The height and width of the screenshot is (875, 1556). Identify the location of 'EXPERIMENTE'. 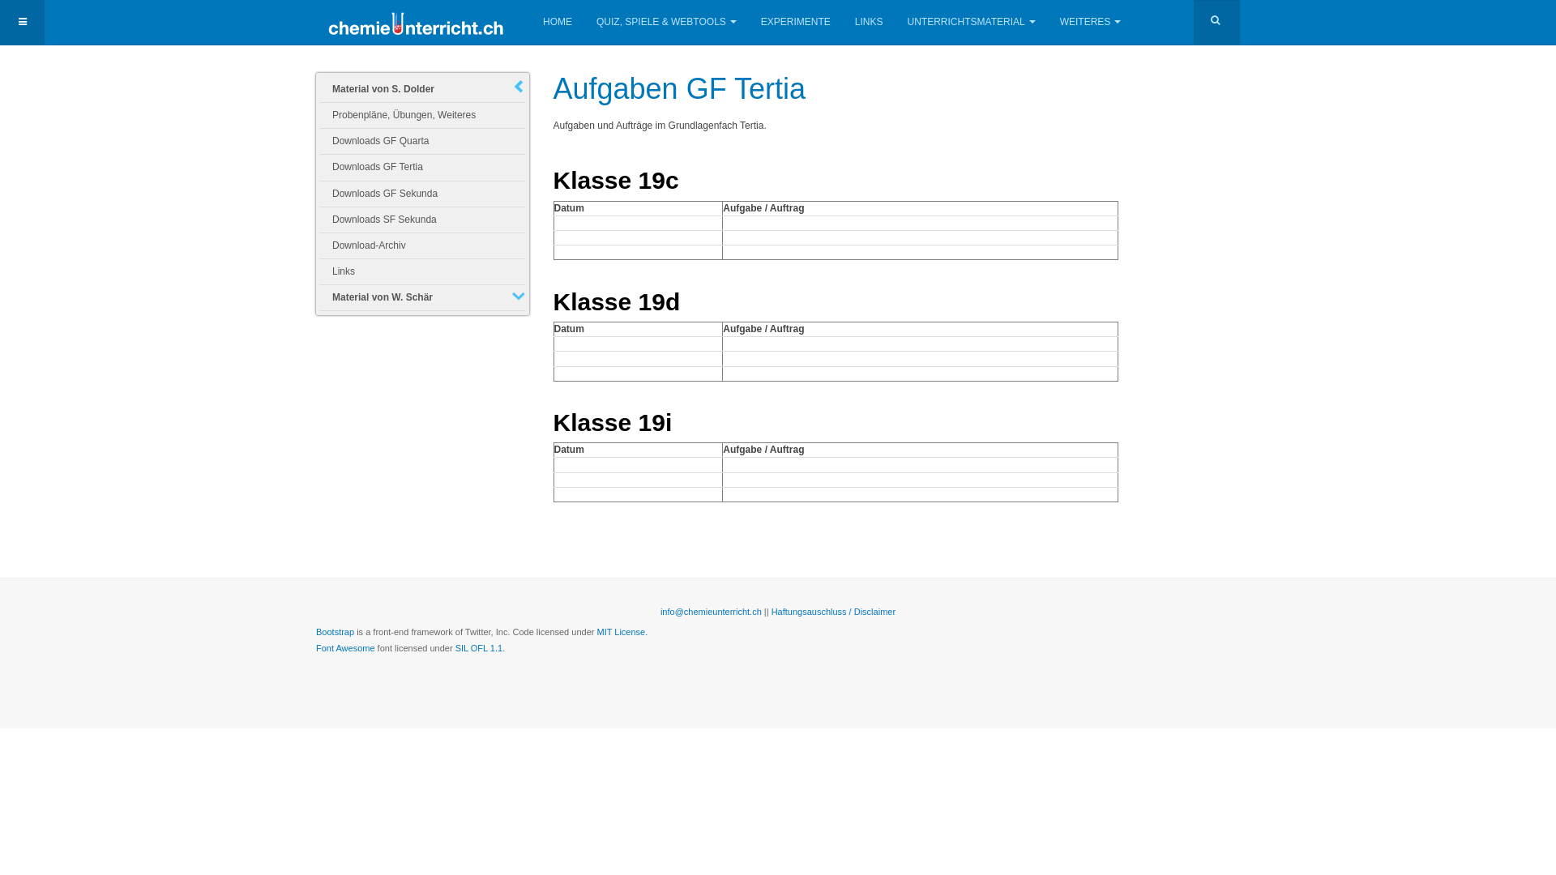
(760, 22).